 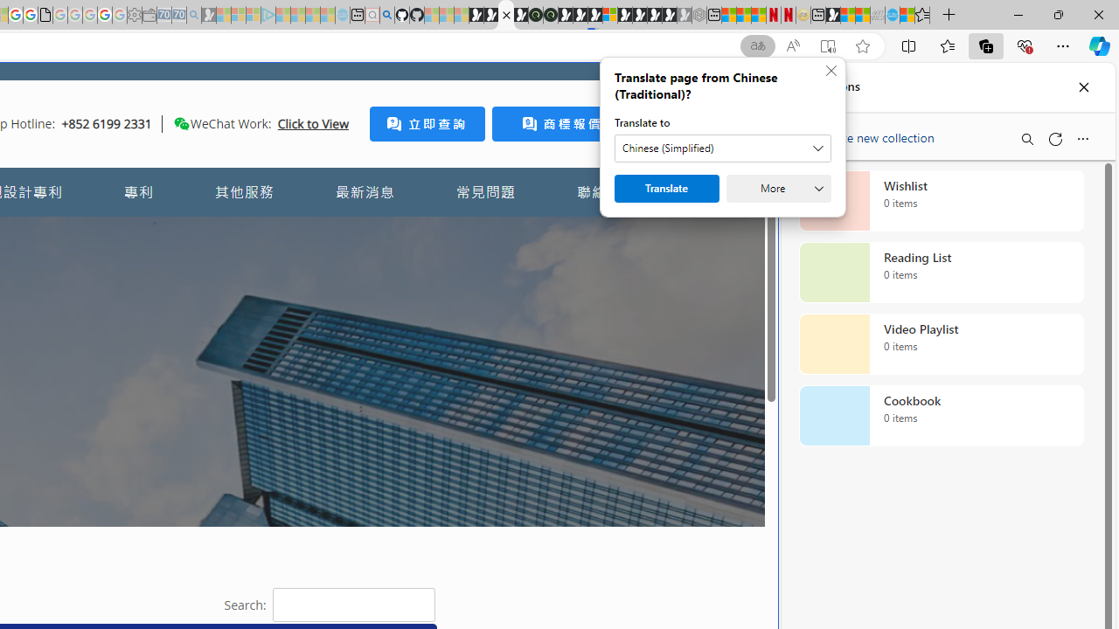 I want to click on 'Microsoft Start Gaming - Sleeping', so click(x=208, y=15).